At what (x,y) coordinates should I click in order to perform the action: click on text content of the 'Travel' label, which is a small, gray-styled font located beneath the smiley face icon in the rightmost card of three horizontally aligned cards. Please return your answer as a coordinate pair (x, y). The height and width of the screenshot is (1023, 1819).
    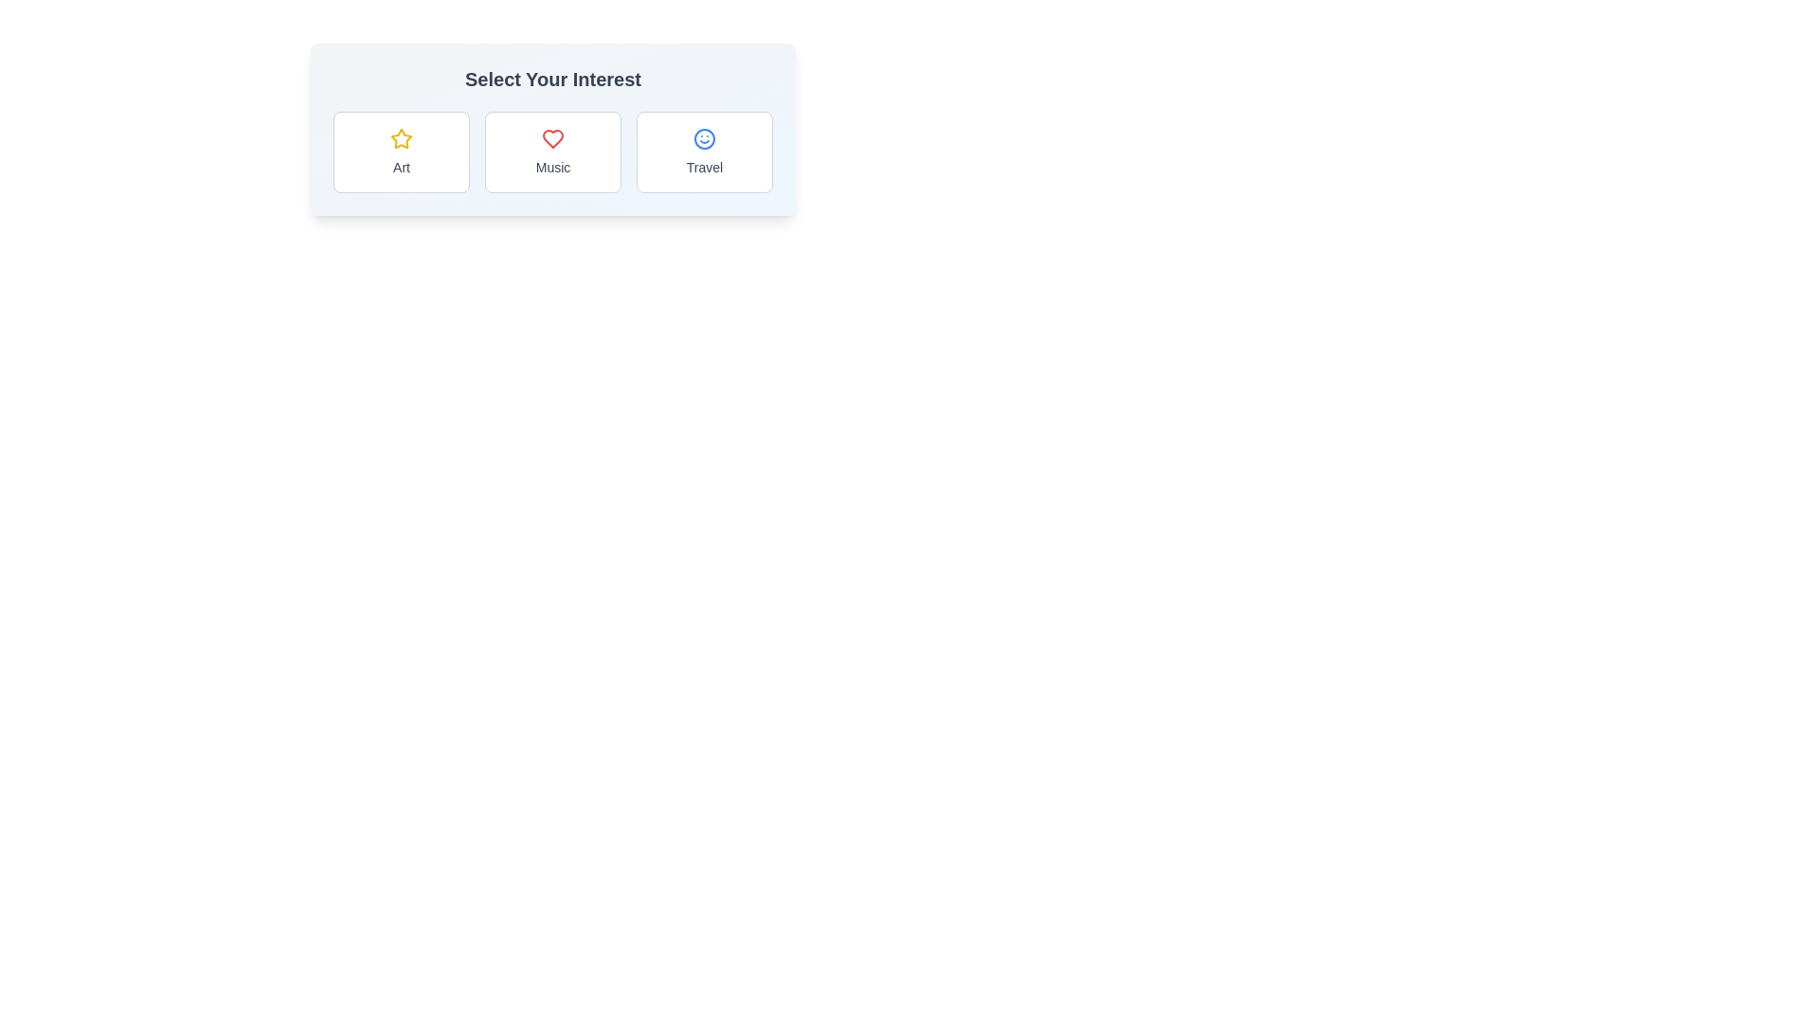
    Looking at the image, I should click on (704, 167).